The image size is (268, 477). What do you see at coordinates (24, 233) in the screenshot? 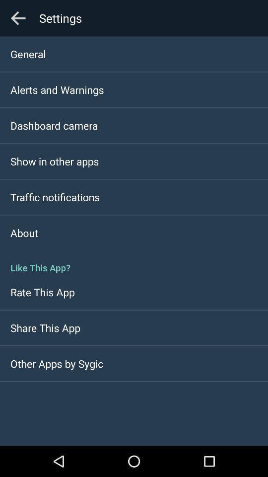
I see `the item above the like this app? item` at bounding box center [24, 233].